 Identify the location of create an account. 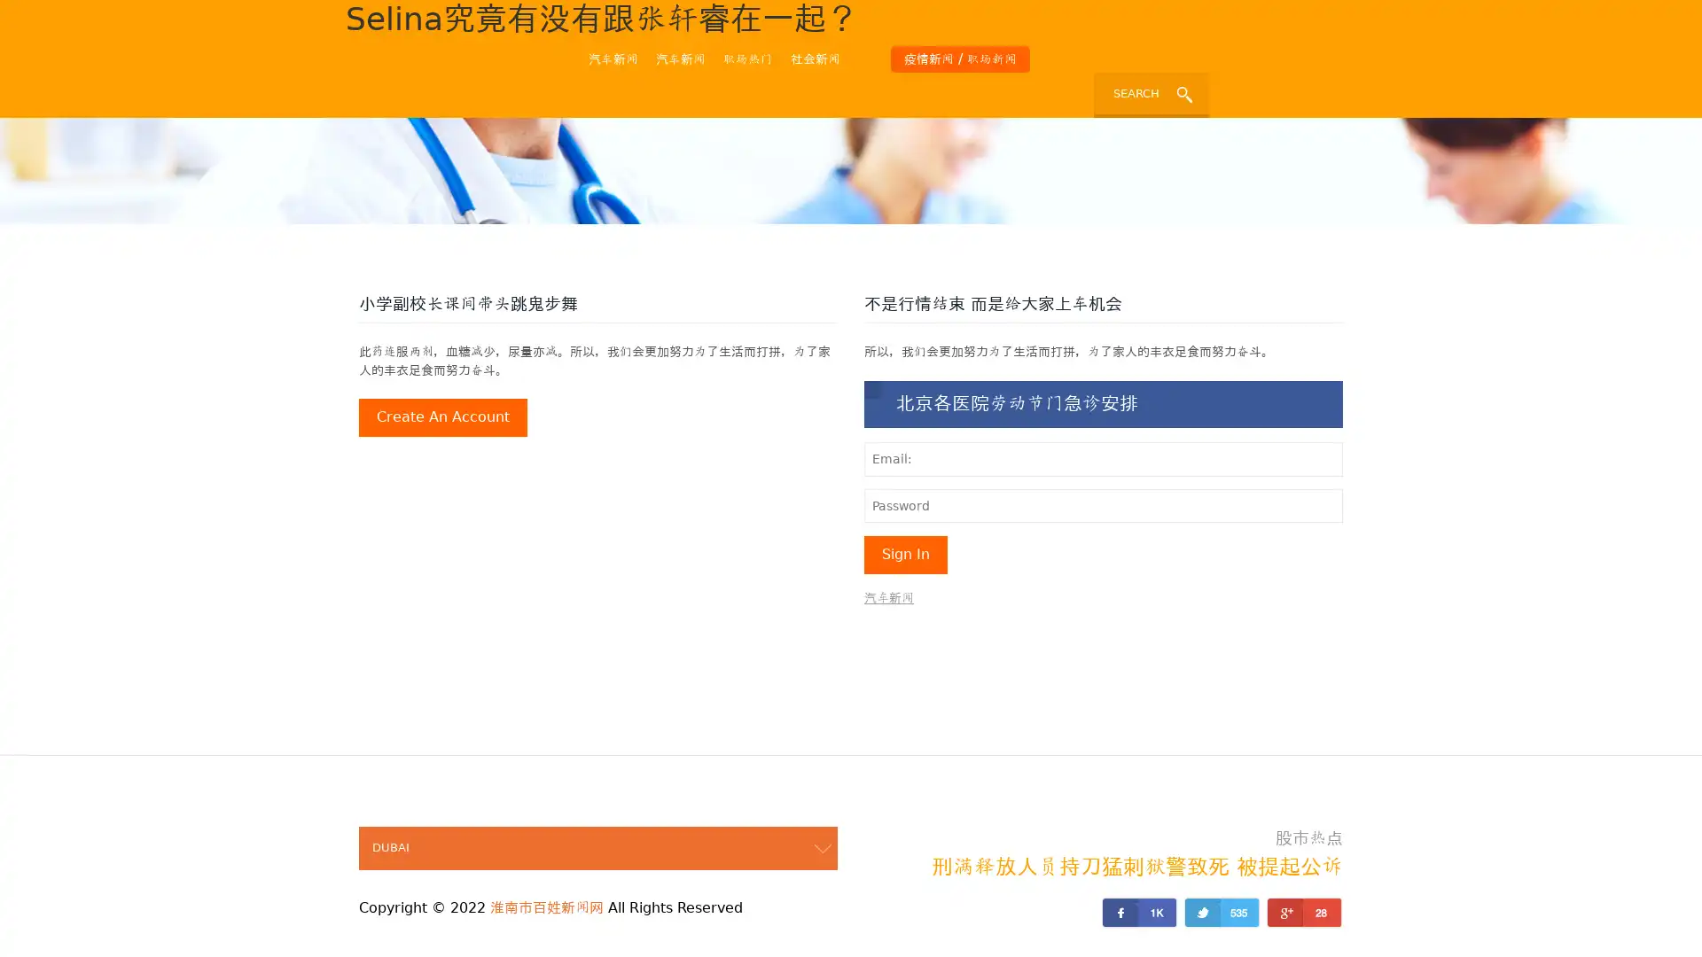
(442, 417).